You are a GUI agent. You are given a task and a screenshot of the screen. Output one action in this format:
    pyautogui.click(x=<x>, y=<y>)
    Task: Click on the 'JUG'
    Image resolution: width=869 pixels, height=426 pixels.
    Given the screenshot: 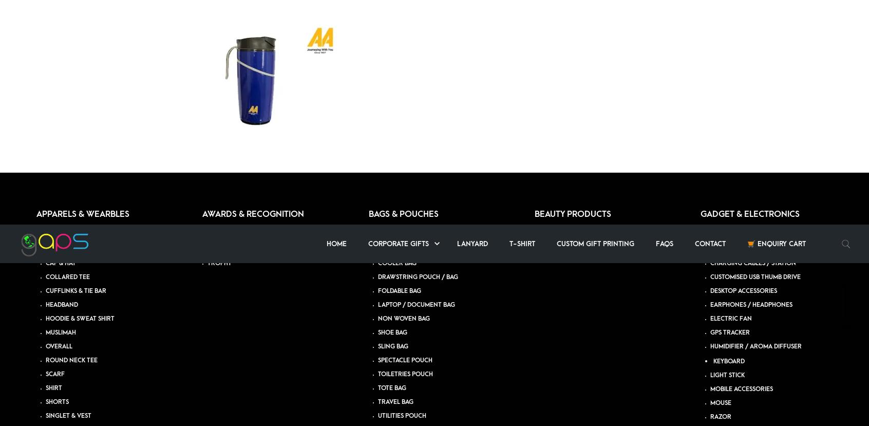 What is the action you would take?
    pyautogui.click(x=51, y=20)
    